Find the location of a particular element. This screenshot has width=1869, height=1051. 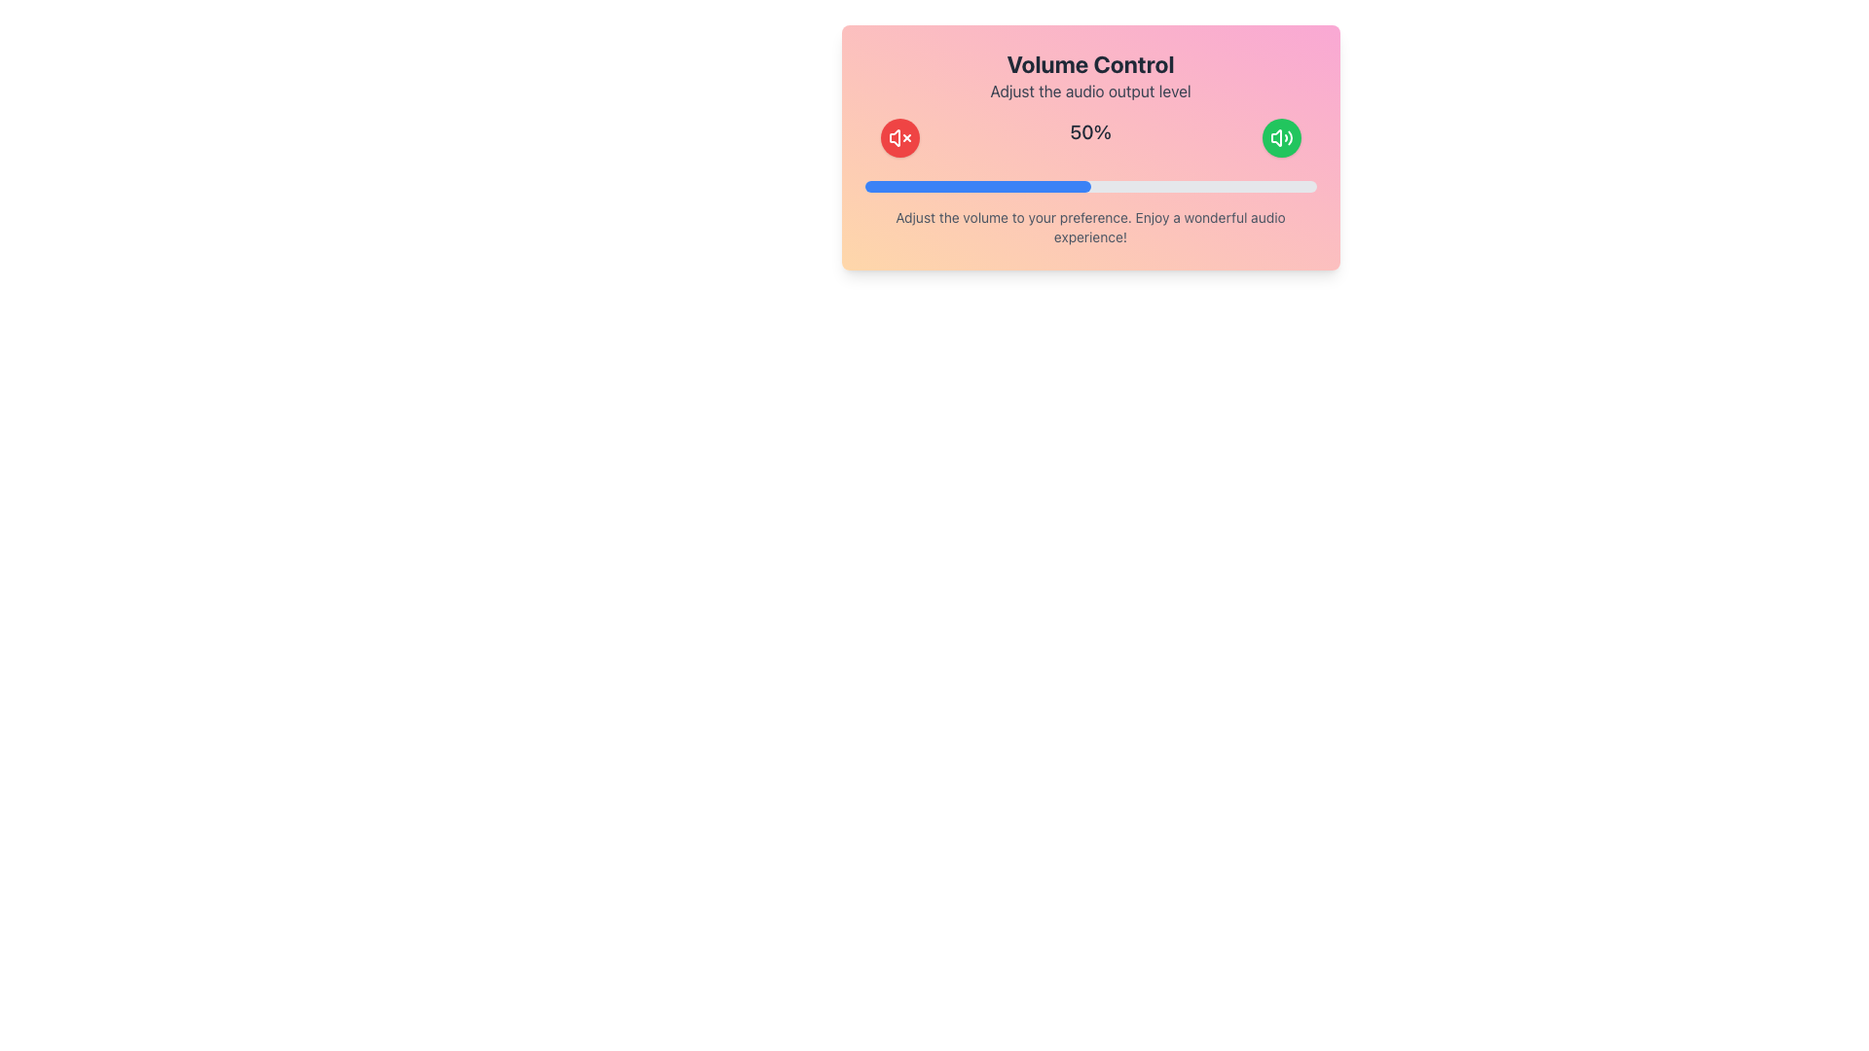

the unmute or volume increase button located on the far right of the horizontal layout section, adjacent to the '50%' text label is located at coordinates (1281, 137).